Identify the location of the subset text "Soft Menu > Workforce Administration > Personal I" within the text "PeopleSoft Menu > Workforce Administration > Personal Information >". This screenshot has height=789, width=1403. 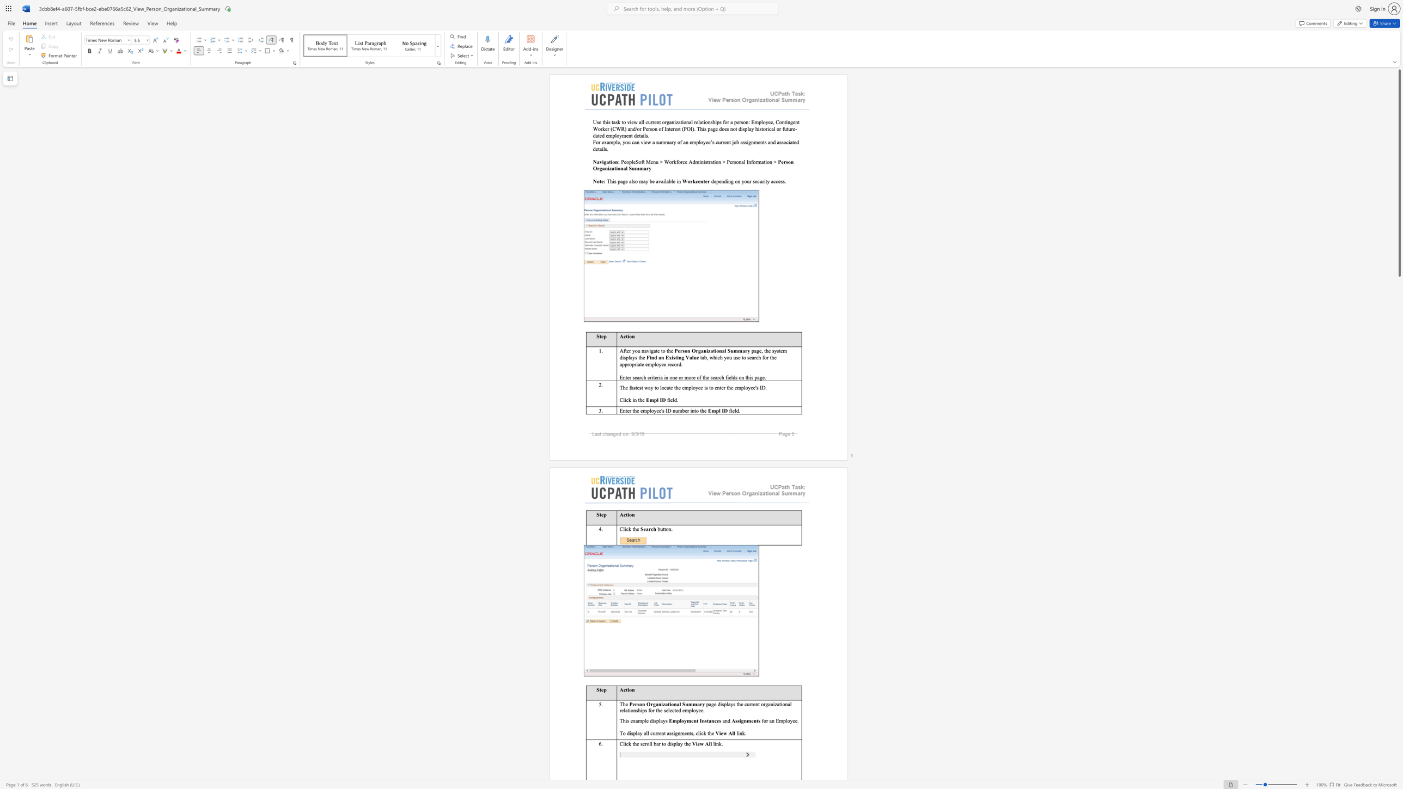
(635, 162).